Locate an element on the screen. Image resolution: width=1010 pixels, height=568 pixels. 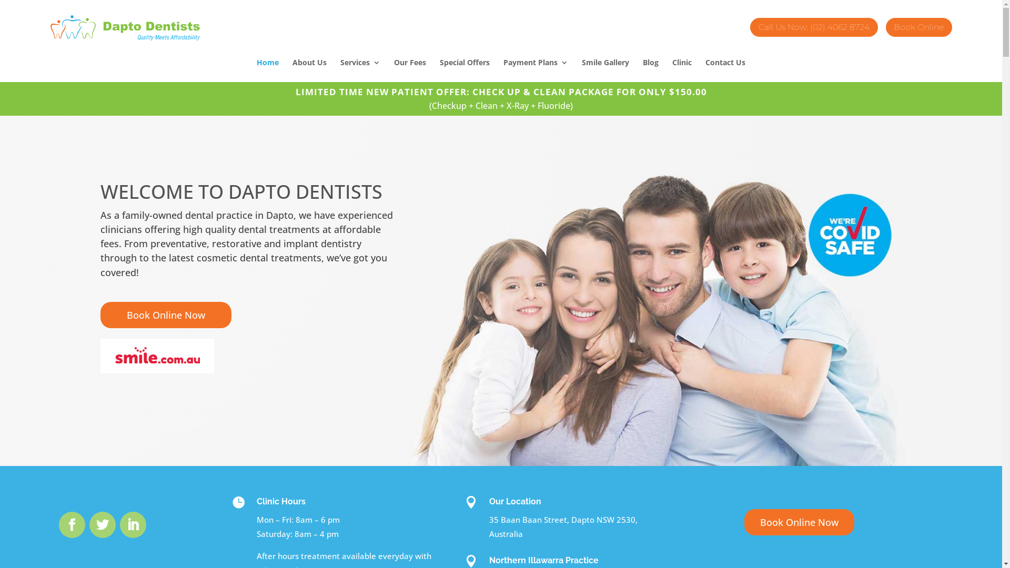
'35 Baan Baan Street, Dapto NSW 2530, Australia' is located at coordinates (562, 526).